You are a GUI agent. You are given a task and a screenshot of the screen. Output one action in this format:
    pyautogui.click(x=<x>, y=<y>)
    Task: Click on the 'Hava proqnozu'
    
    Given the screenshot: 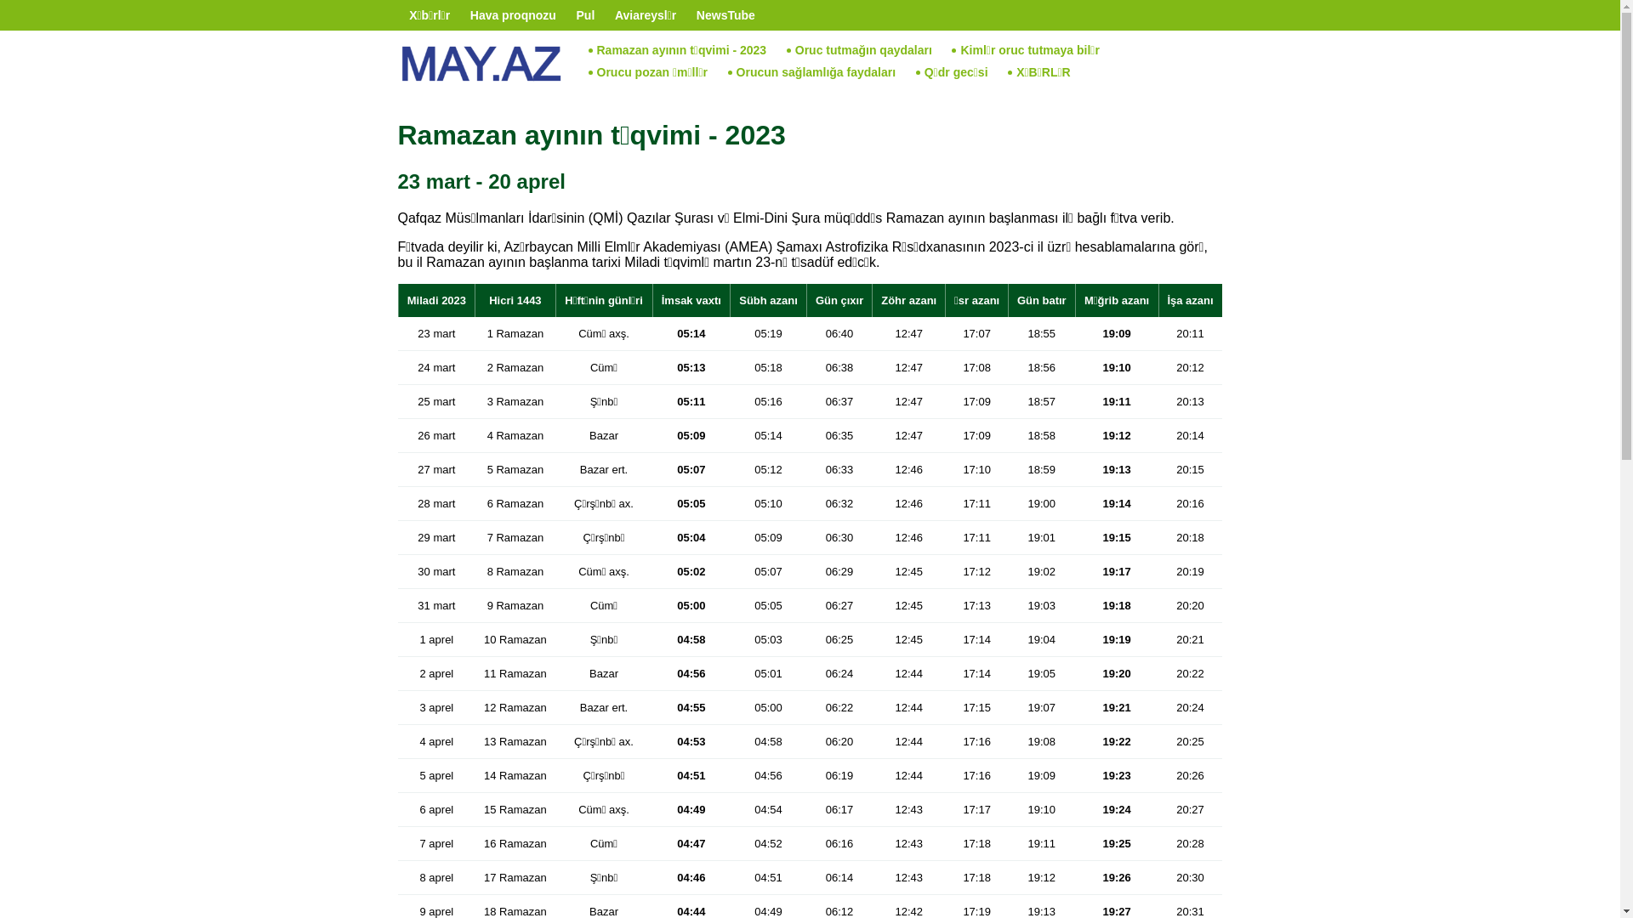 What is the action you would take?
    pyautogui.click(x=512, y=15)
    